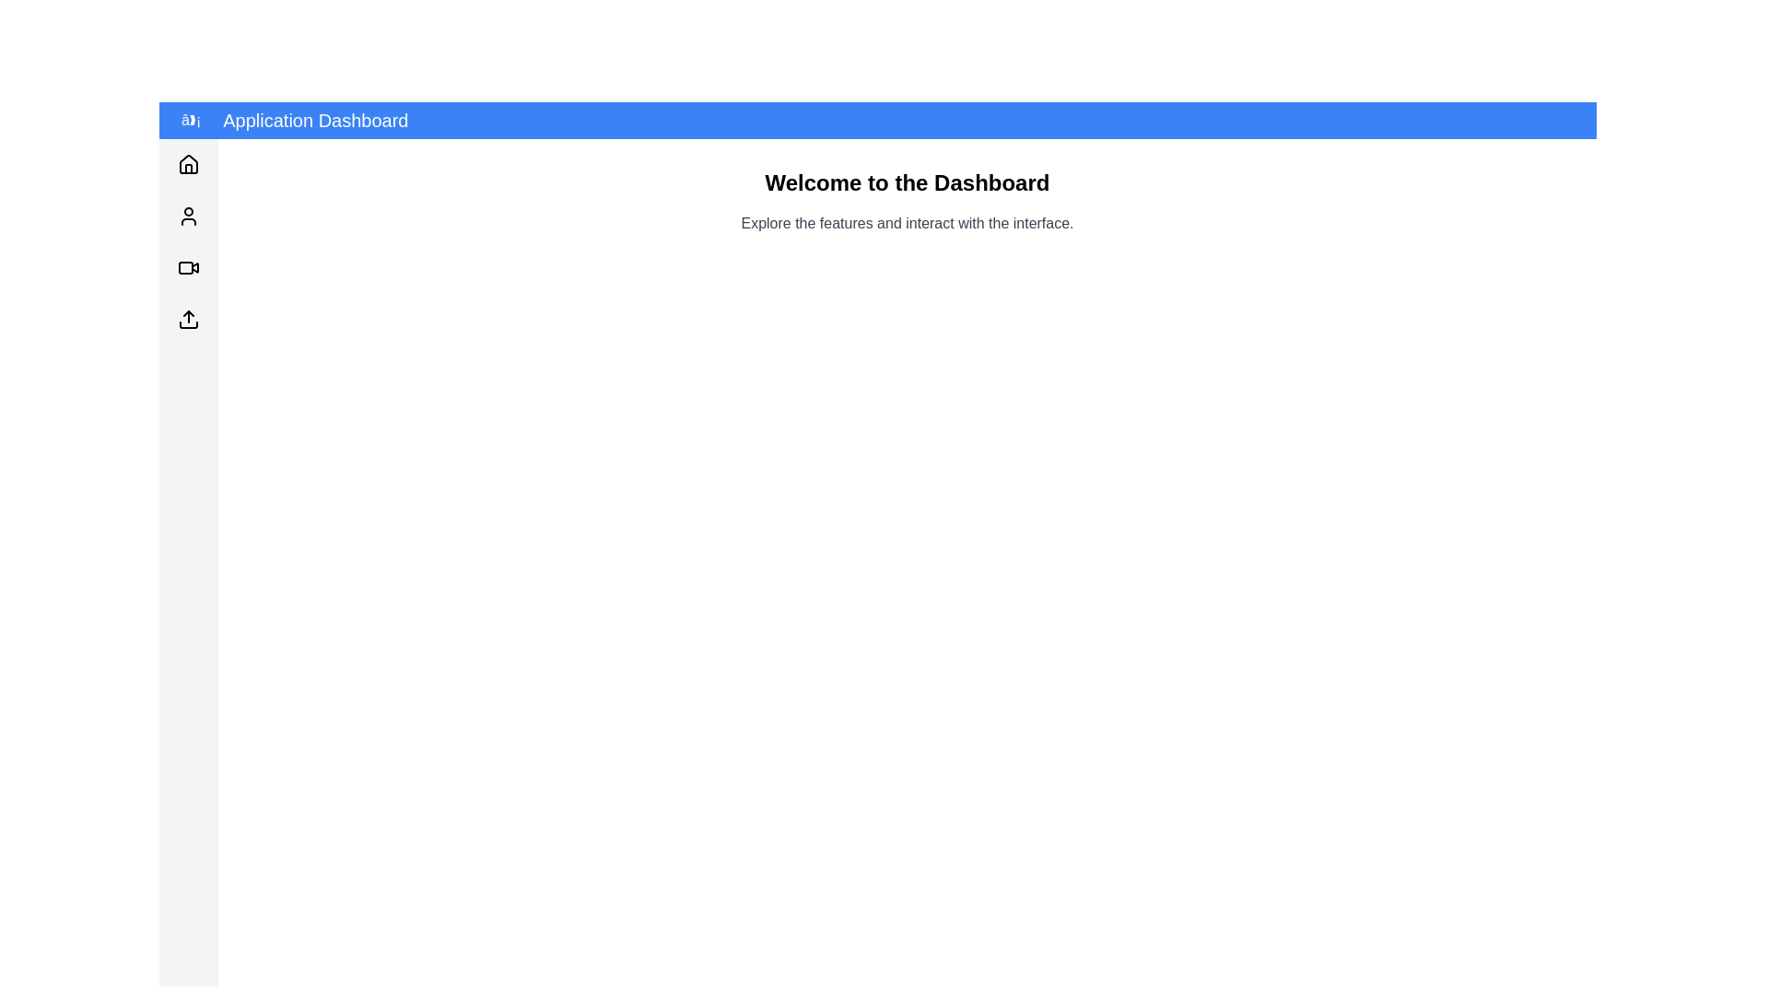 Image resolution: width=1769 pixels, height=995 pixels. I want to click on the topmost house icon in the left vertical navigation bar, which is styled to resemble a dwelling, so click(189, 162).